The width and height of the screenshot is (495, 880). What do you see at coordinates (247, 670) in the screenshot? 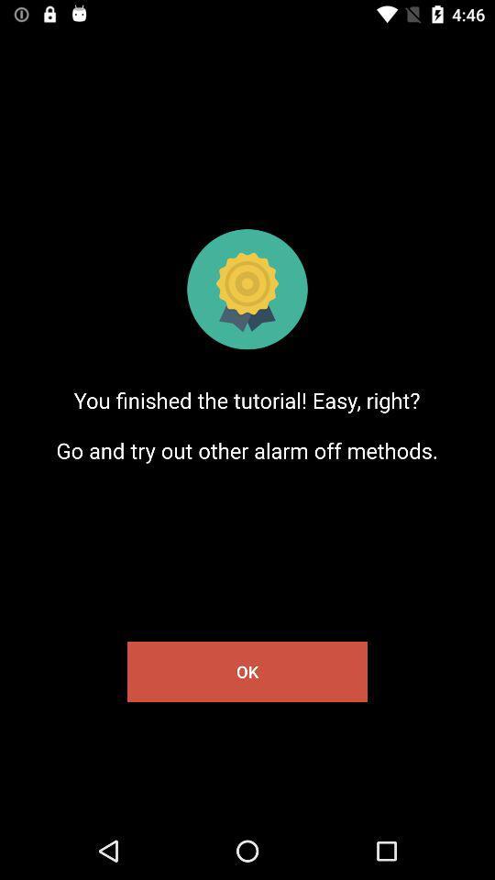
I see `the ok item` at bounding box center [247, 670].